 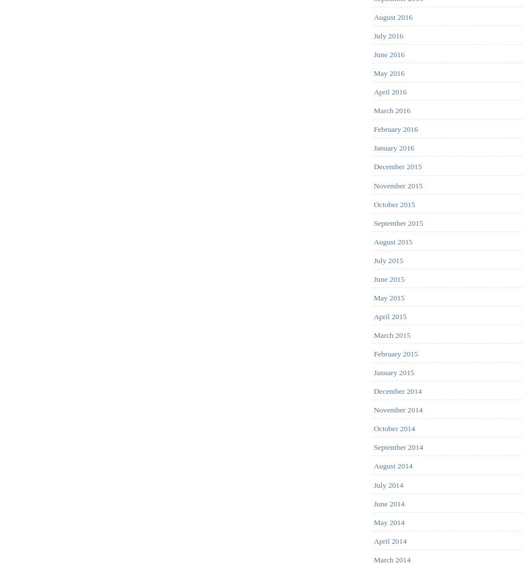 I want to click on 'April 2014', so click(x=389, y=540).